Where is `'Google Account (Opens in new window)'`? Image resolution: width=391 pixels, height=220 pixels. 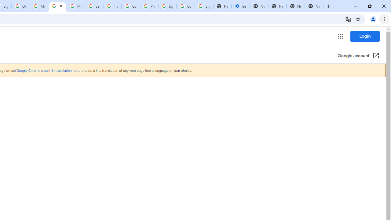 'Google Account (Opens in new window)' is located at coordinates (358, 56).